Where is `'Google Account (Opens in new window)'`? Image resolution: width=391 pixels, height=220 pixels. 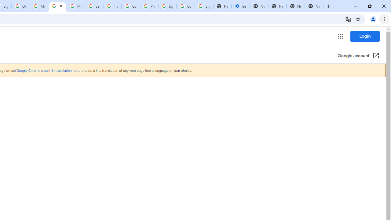 'Google Account (Opens in new window)' is located at coordinates (358, 56).